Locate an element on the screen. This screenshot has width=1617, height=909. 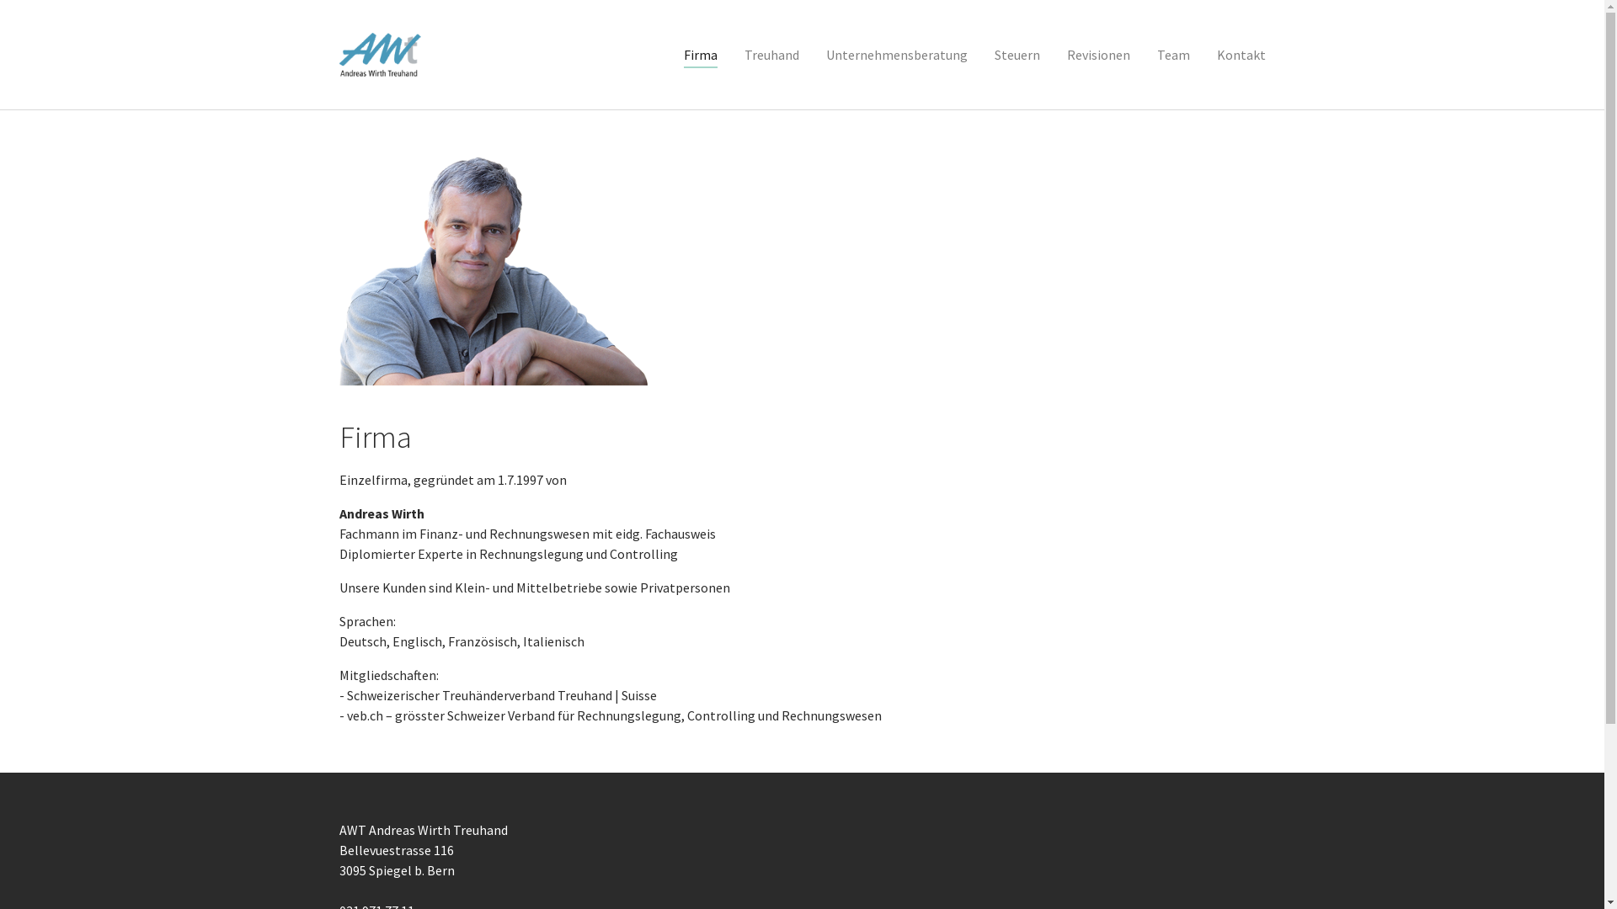
'Firma is located at coordinates (700, 54).